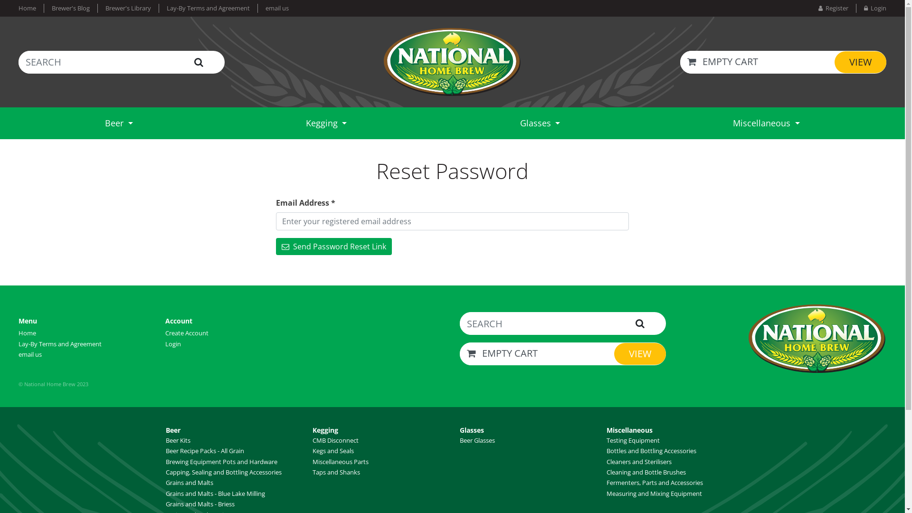 This screenshot has width=912, height=513. What do you see at coordinates (639, 461) in the screenshot?
I see `'Cleaners and Sterilisers'` at bounding box center [639, 461].